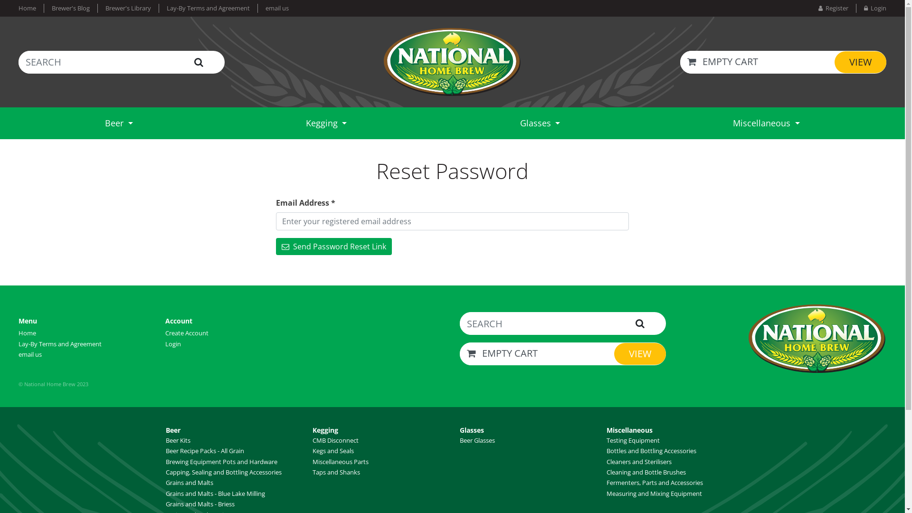 This screenshot has width=912, height=513. What do you see at coordinates (639, 461) in the screenshot?
I see `'Cleaners and Sterilisers'` at bounding box center [639, 461].